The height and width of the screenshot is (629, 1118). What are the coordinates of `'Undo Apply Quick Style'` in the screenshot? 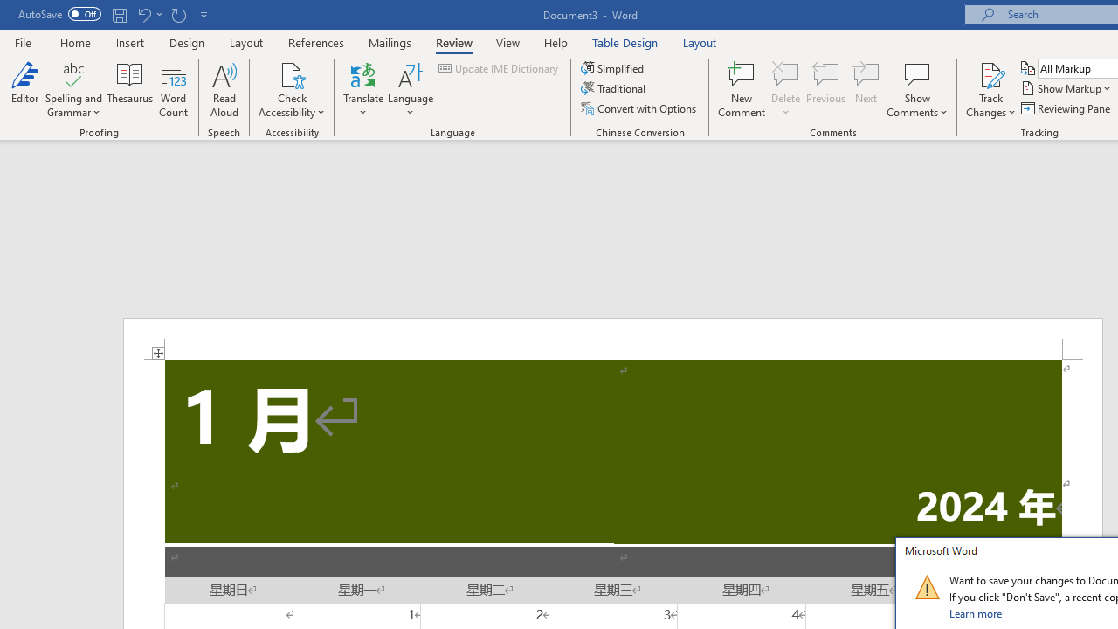 It's located at (143, 14).